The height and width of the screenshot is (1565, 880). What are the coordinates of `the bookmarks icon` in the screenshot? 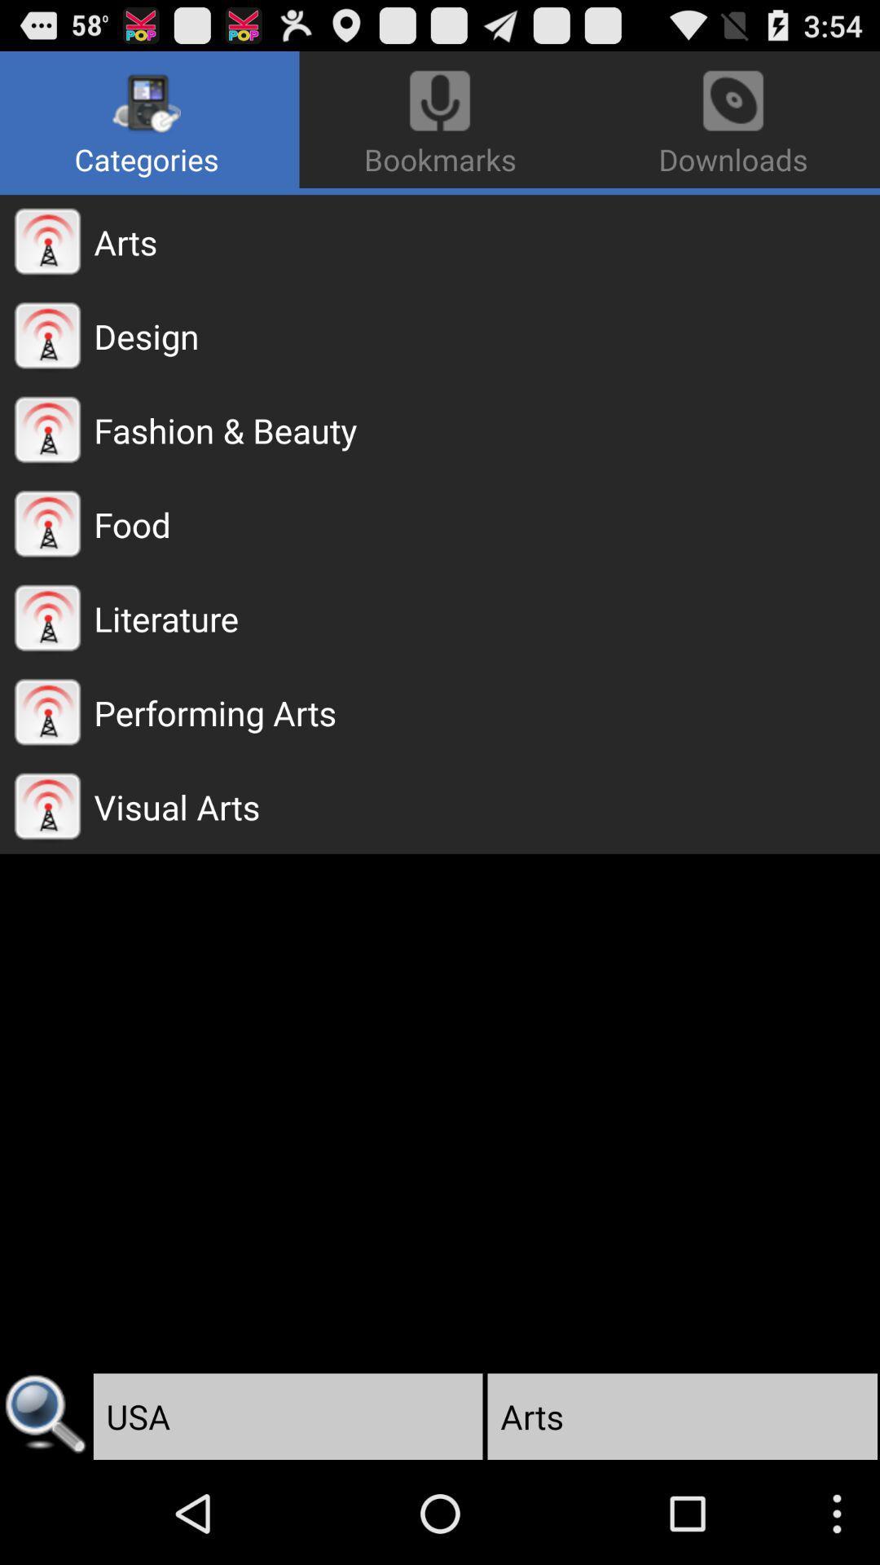 It's located at (440, 119).